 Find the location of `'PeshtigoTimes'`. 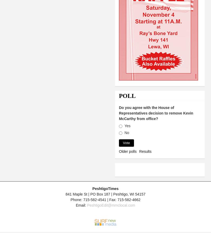

'PeshtigoTimes' is located at coordinates (105, 188).